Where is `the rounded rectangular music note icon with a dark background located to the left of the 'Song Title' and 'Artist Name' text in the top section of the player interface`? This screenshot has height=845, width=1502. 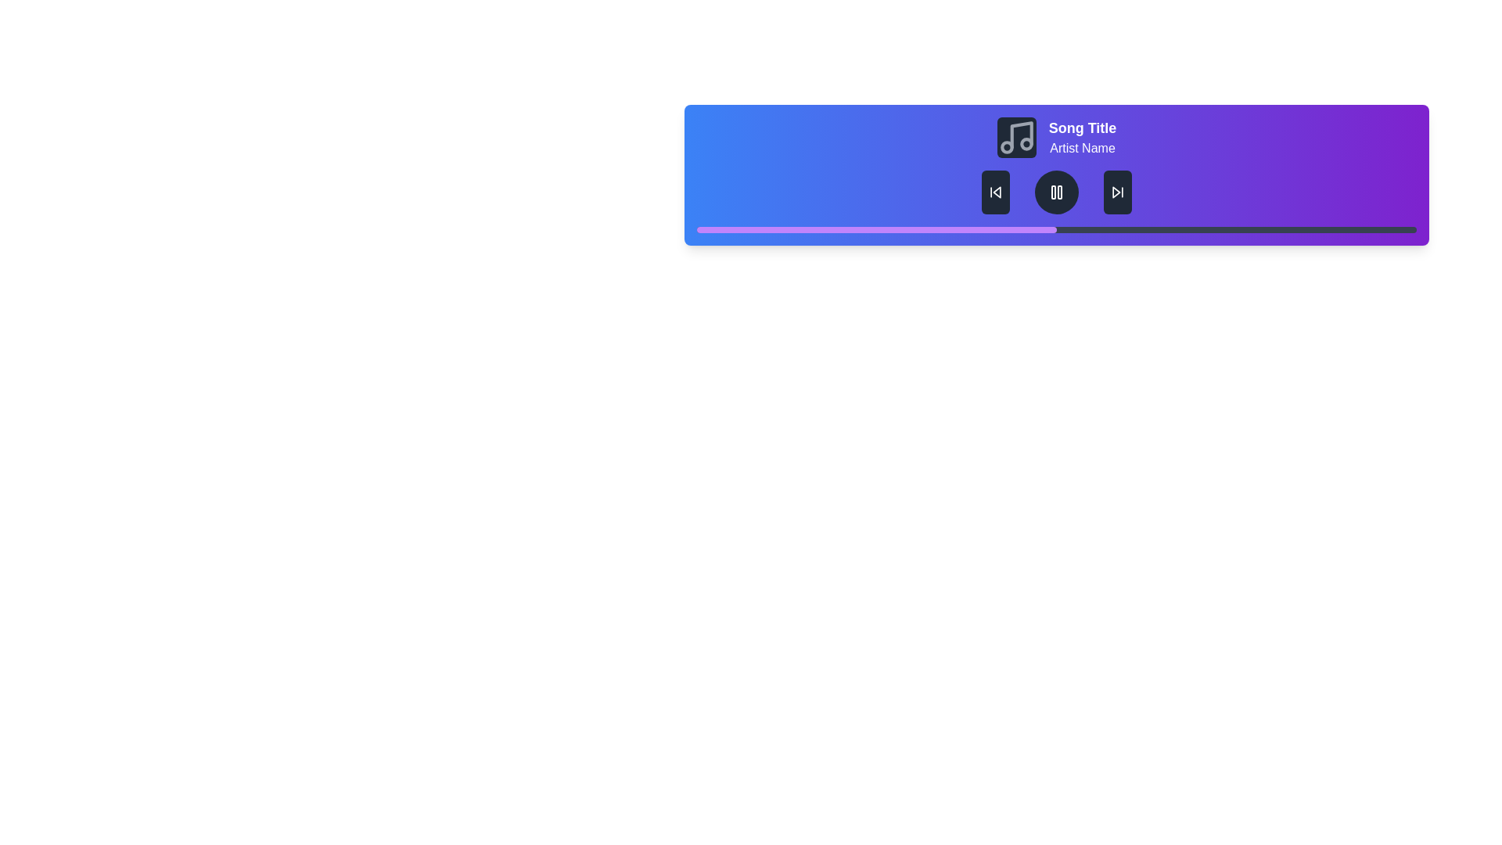
the rounded rectangular music note icon with a dark background located to the left of the 'Song Title' and 'Artist Name' text in the top section of the player interface is located at coordinates (1016, 137).